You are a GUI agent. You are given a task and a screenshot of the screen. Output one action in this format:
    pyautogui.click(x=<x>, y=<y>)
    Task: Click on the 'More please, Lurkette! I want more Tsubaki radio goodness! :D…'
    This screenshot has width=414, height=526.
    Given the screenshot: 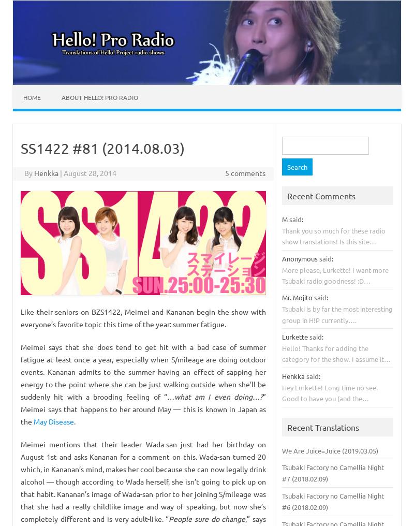 What is the action you would take?
    pyautogui.click(x=334, y=274)
    